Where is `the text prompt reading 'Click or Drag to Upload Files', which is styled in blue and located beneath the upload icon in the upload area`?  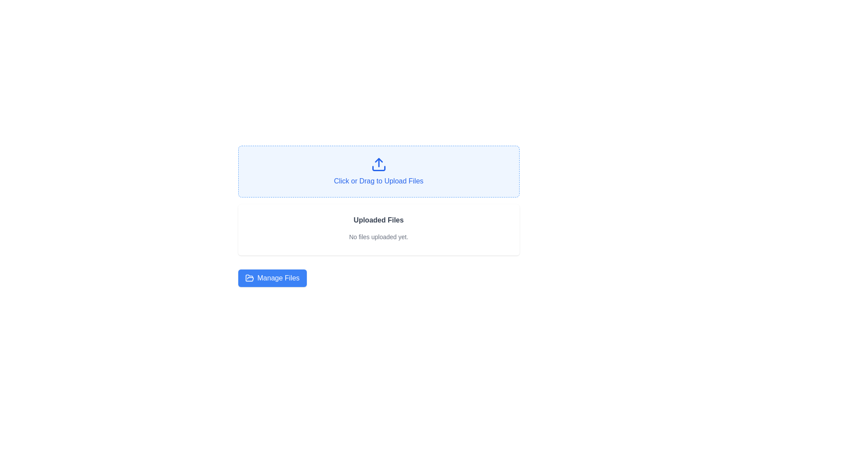
the text prompt reading 'Click or Drag to Upload Files', which is styled in blue and located beneath the upload icon in the upload area is located at coordinates (378, 180).